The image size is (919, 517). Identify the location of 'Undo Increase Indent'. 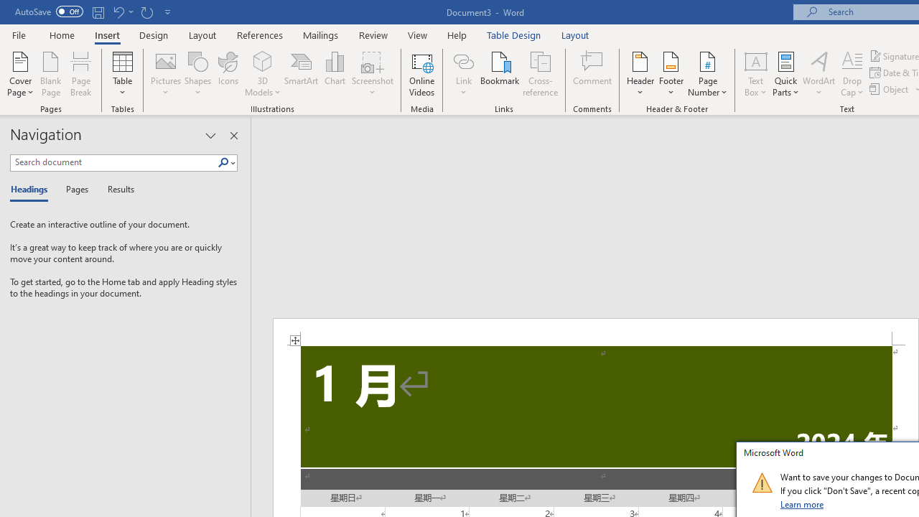
(118, 11).